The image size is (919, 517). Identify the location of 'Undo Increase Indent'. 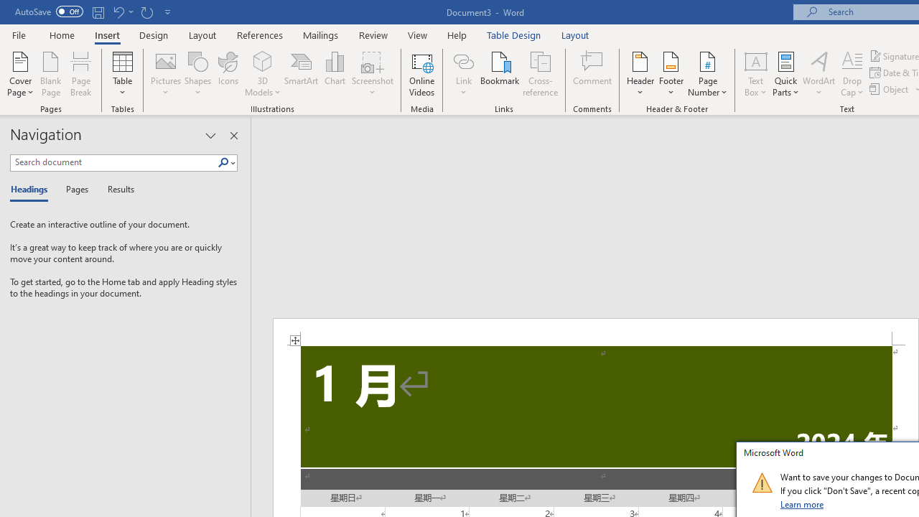
(118, 11).